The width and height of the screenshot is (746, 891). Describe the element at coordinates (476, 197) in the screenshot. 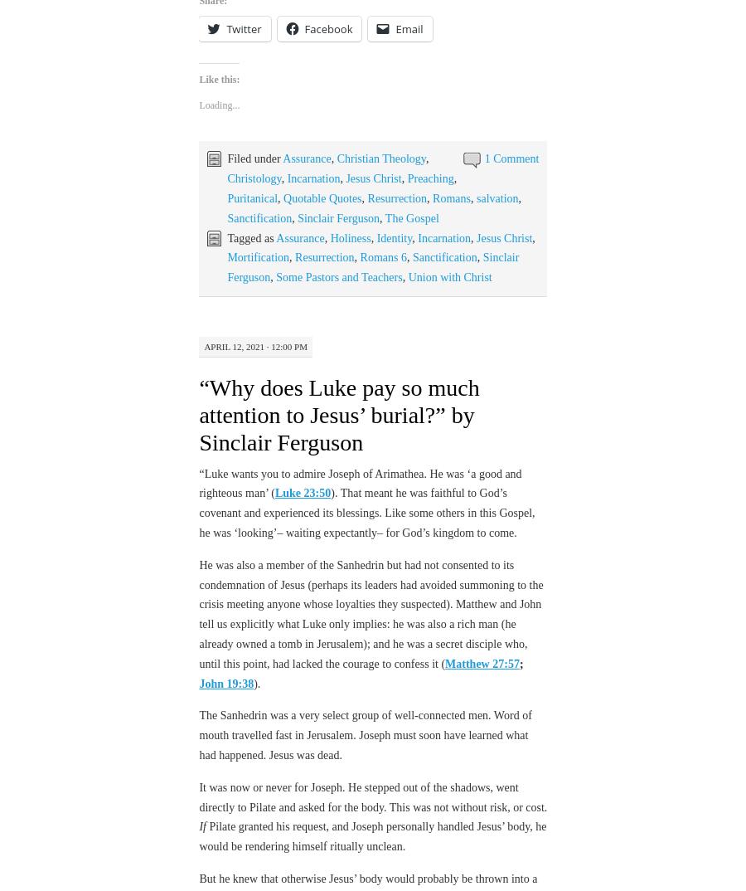

I see `'salvation'` at that location.